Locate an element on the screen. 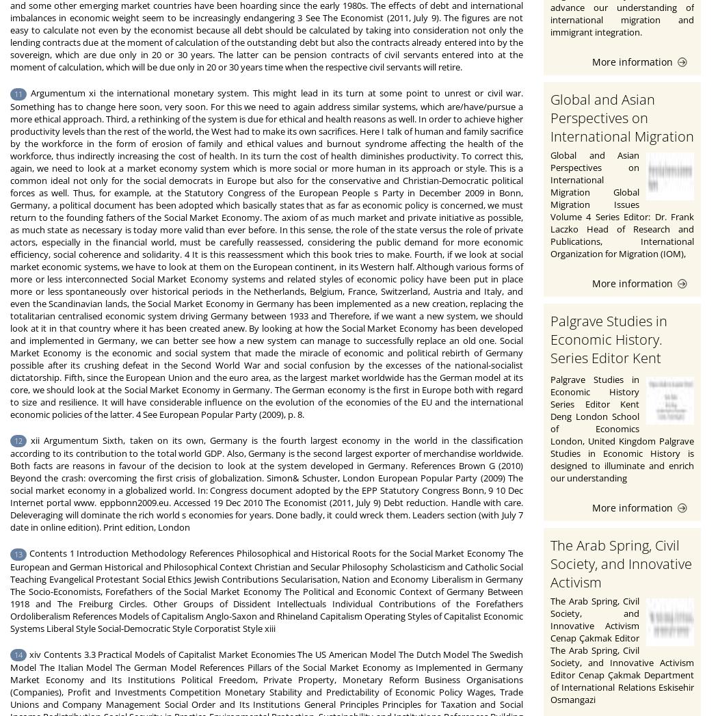 This screenshot has height=716, width=718. '11' is located at coordinates (18, 92).